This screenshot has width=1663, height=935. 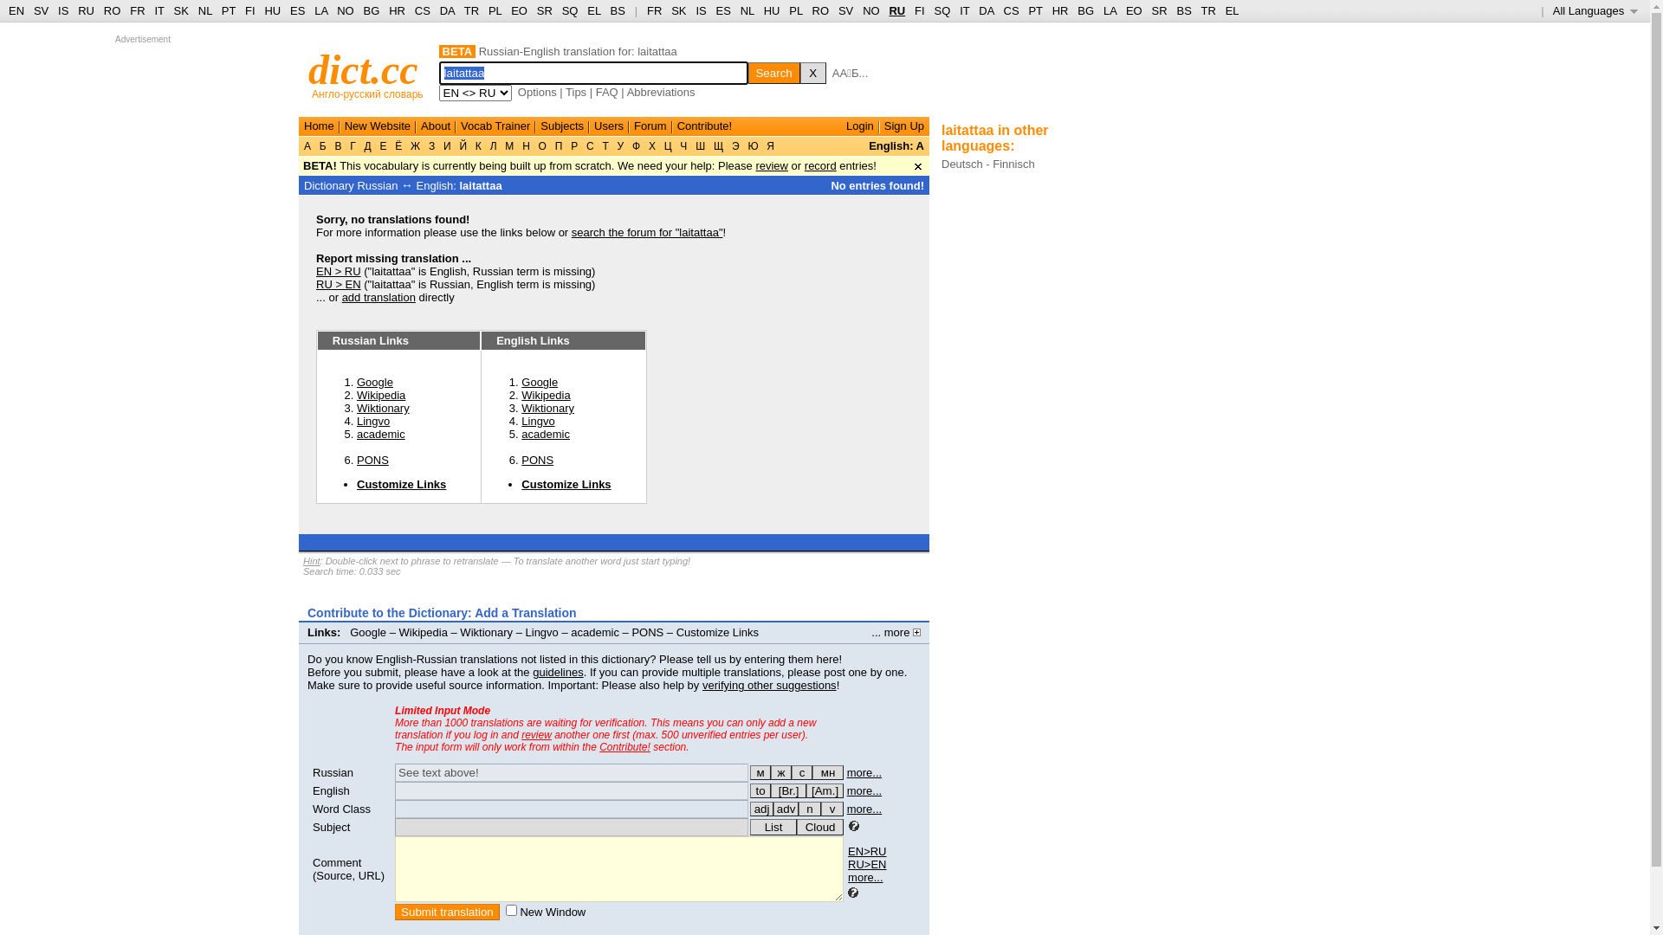 I want to click on 'Forum', so click(x=632, y=125).